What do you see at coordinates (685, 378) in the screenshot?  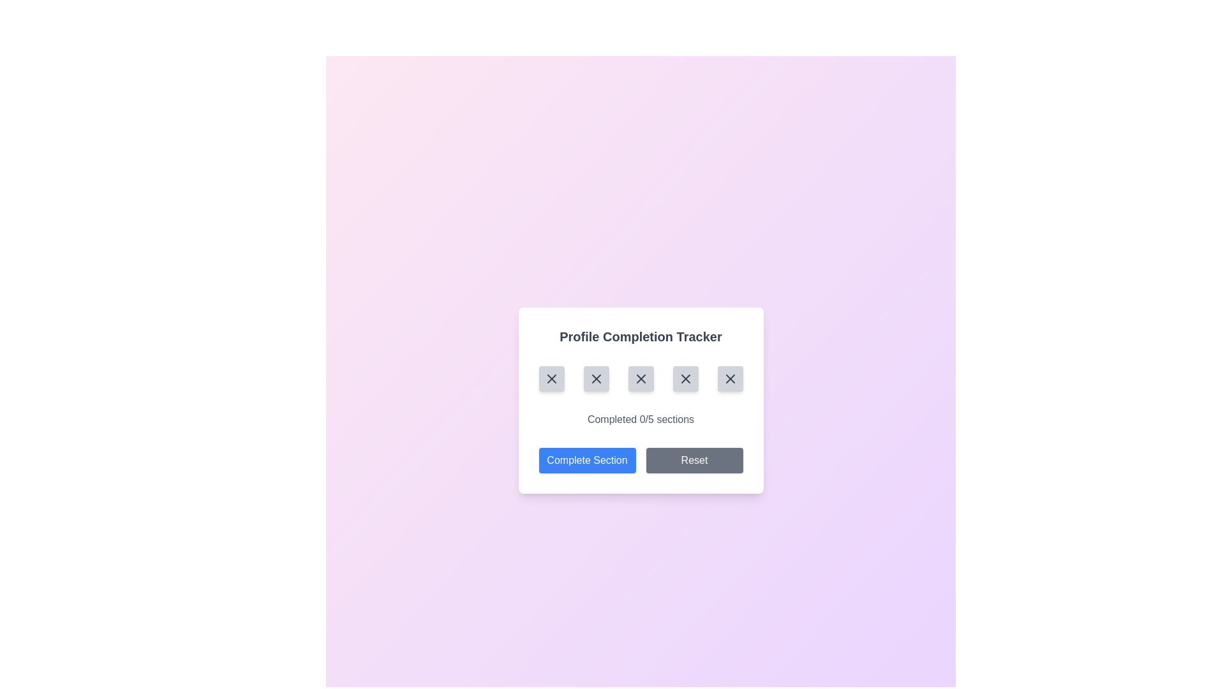 I see `the fourth 'X' icon in the profile completion tracker, which is located above the text stating 'Completed 0/5 sections'` at bounding box center [685, 378].